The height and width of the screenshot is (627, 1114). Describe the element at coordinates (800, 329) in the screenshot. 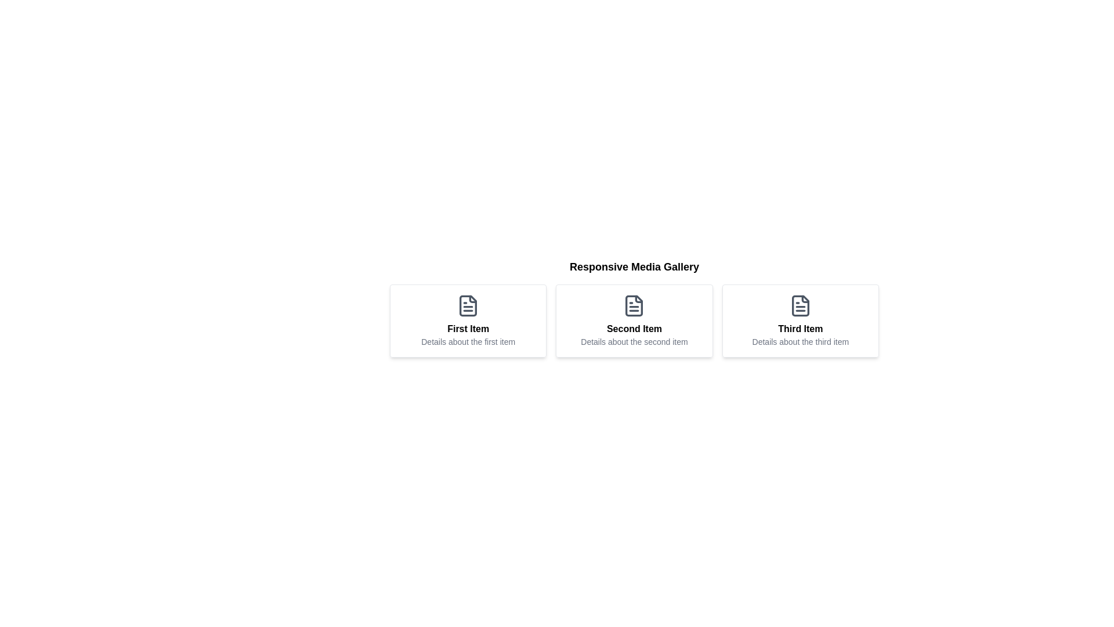

I see `the bold text label that reads 'Third Item', which is the title for its section located in the rightmost card above the subtitle 'Details about the third item'` at that location.